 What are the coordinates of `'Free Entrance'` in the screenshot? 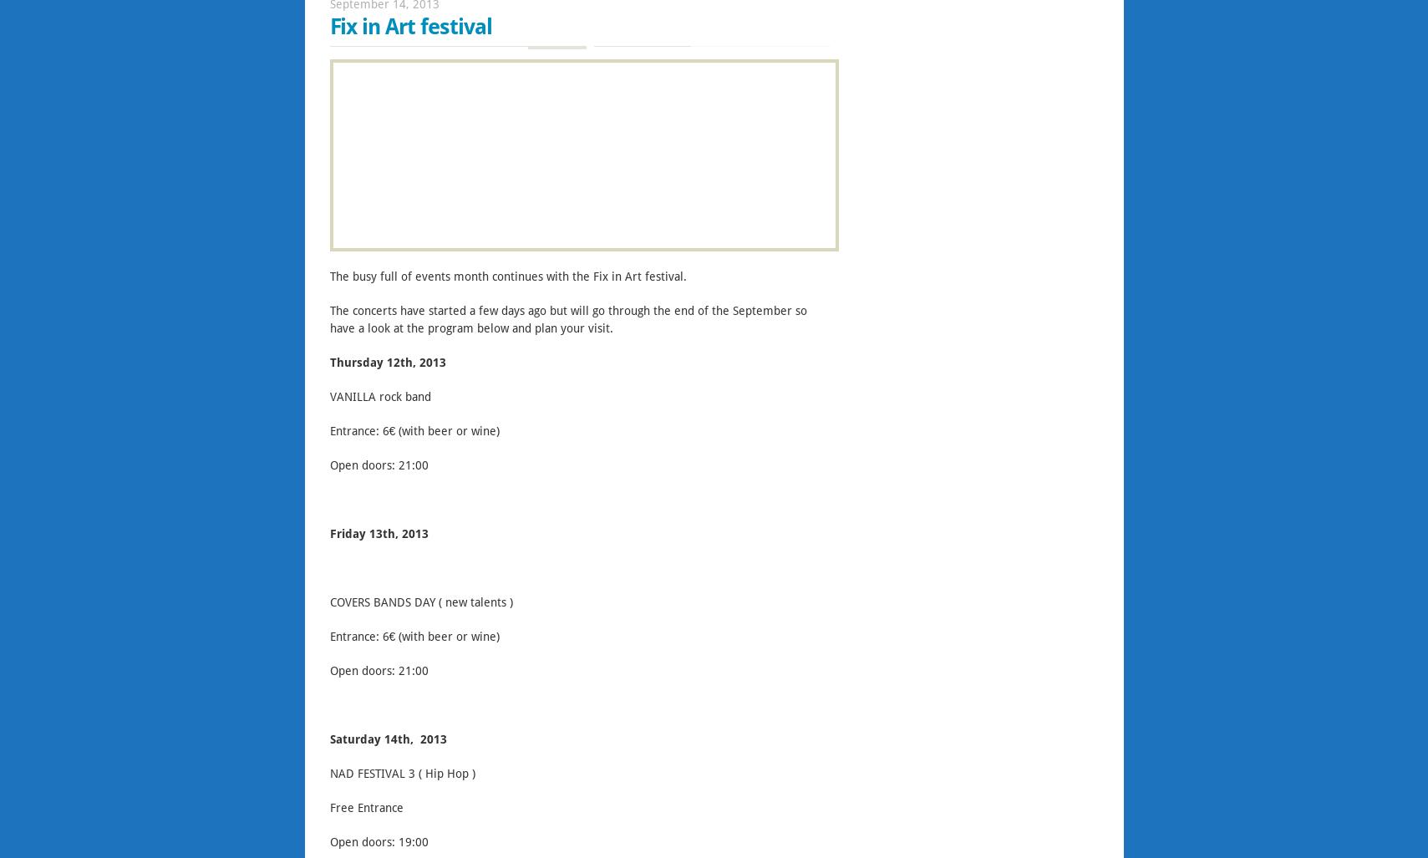 It's located at (365, 809).